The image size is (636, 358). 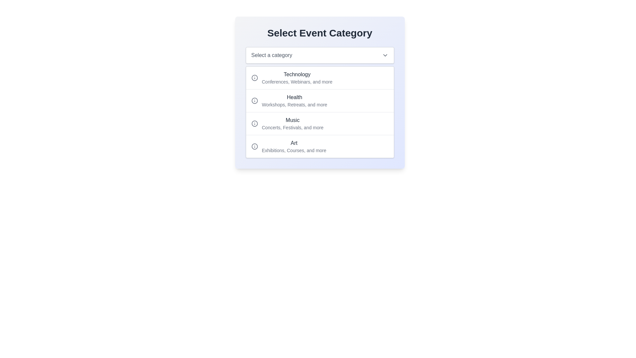 I want to click on the 'Art' category icon, which is the fourth entry in the list of event categories, located to the left of the 'Art' text, so click(x=254, y=146).